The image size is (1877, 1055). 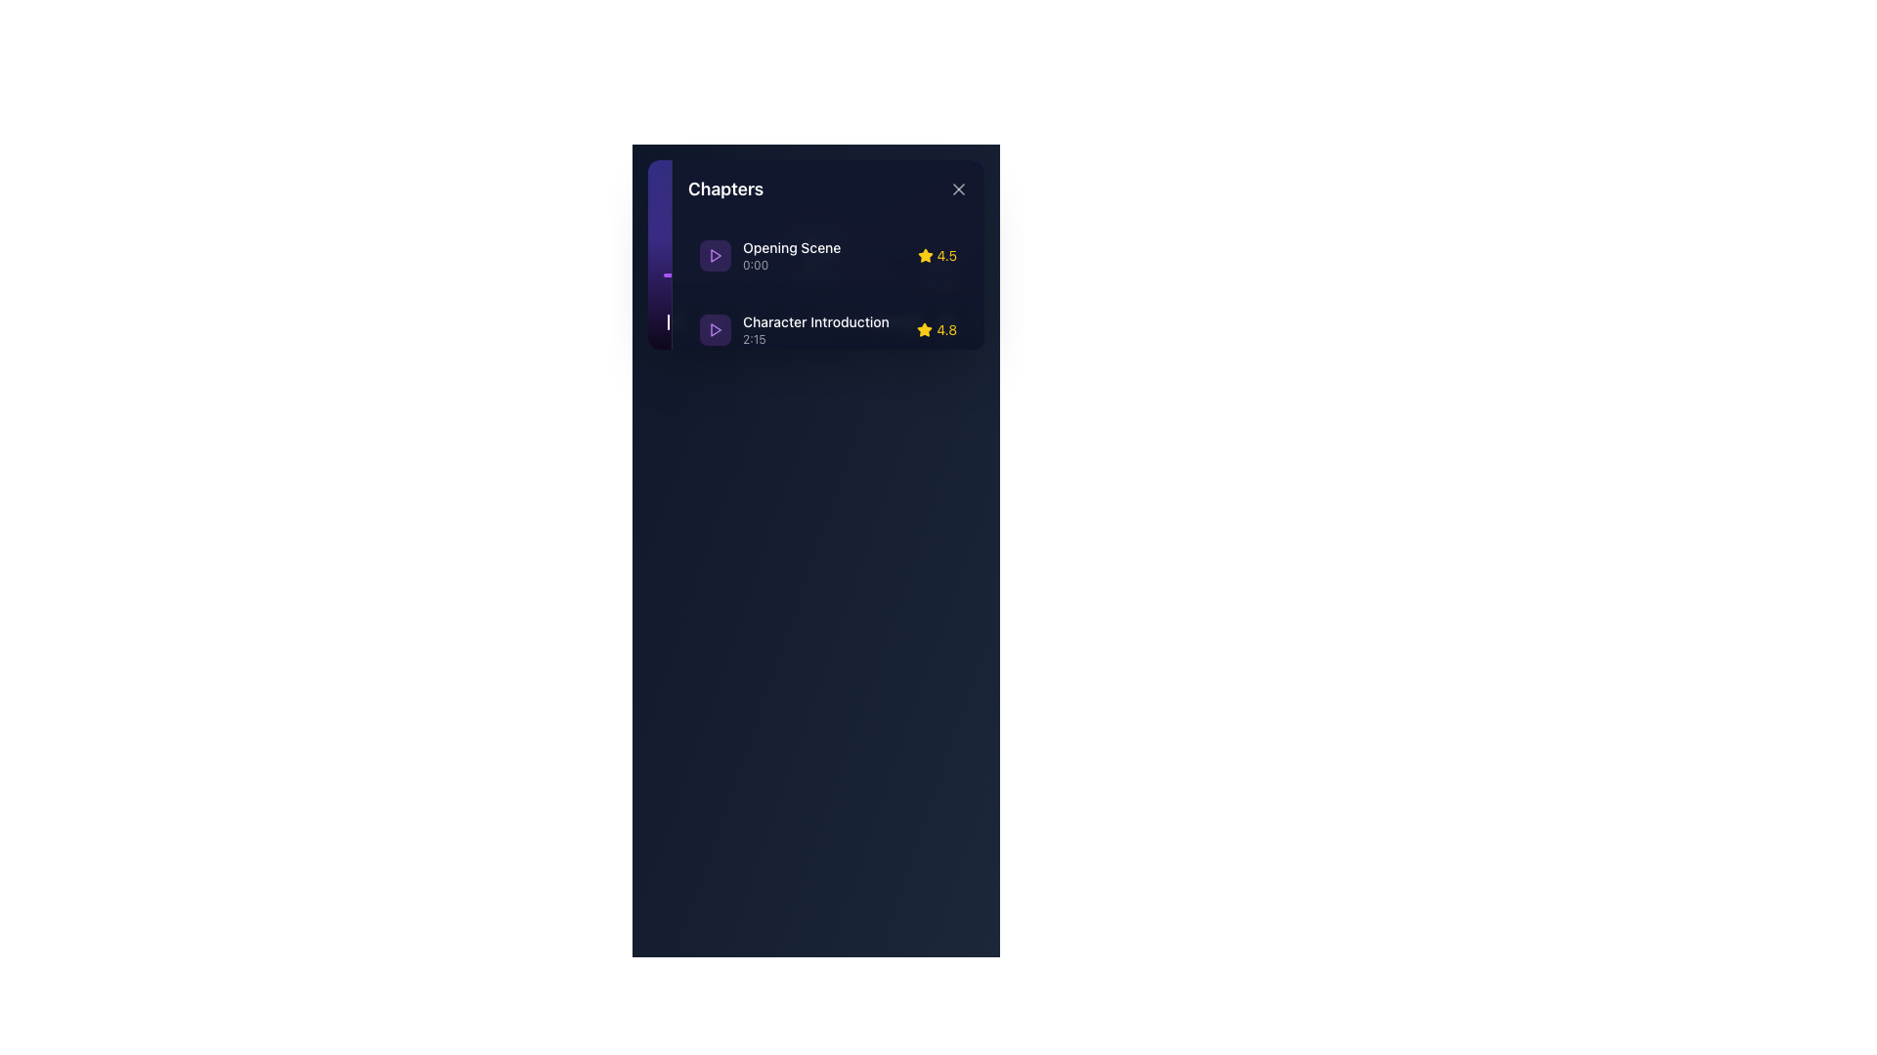 What do you see at coordinates (714, 320) in the screenshot?
I see `the triangular purple play button icon located in the top-left corner of the chapter menu` at bounding box center [714, 320].